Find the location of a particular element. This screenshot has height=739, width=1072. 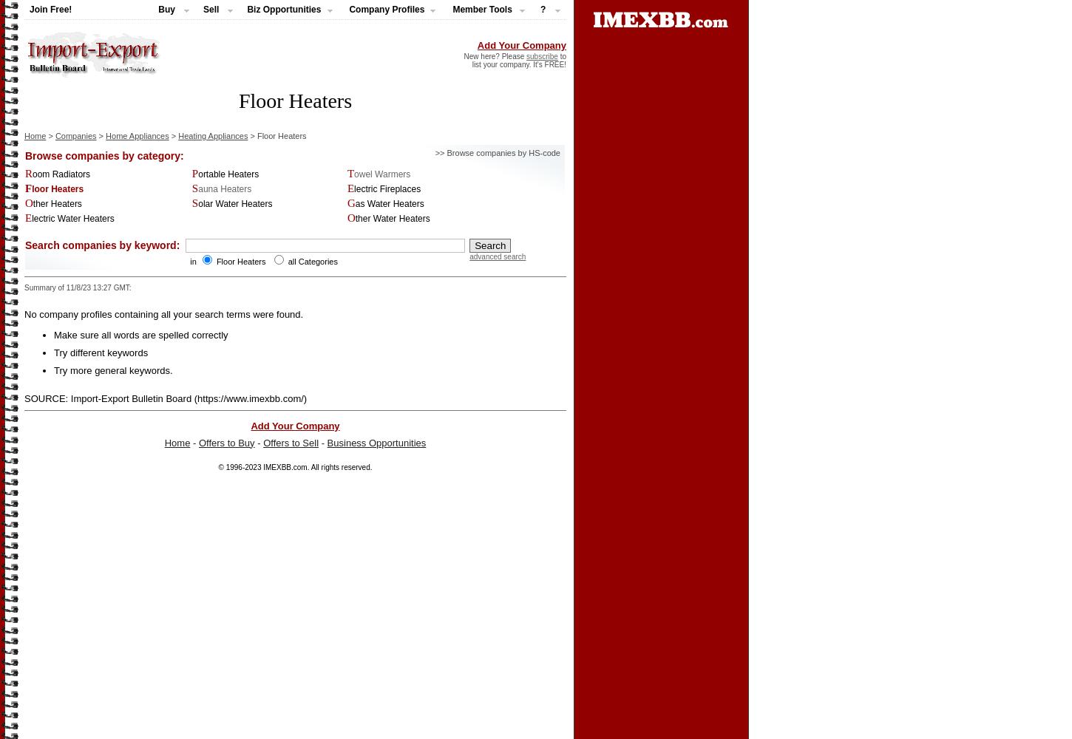

'Business Opportunities' is located at coordinates (376, 441).